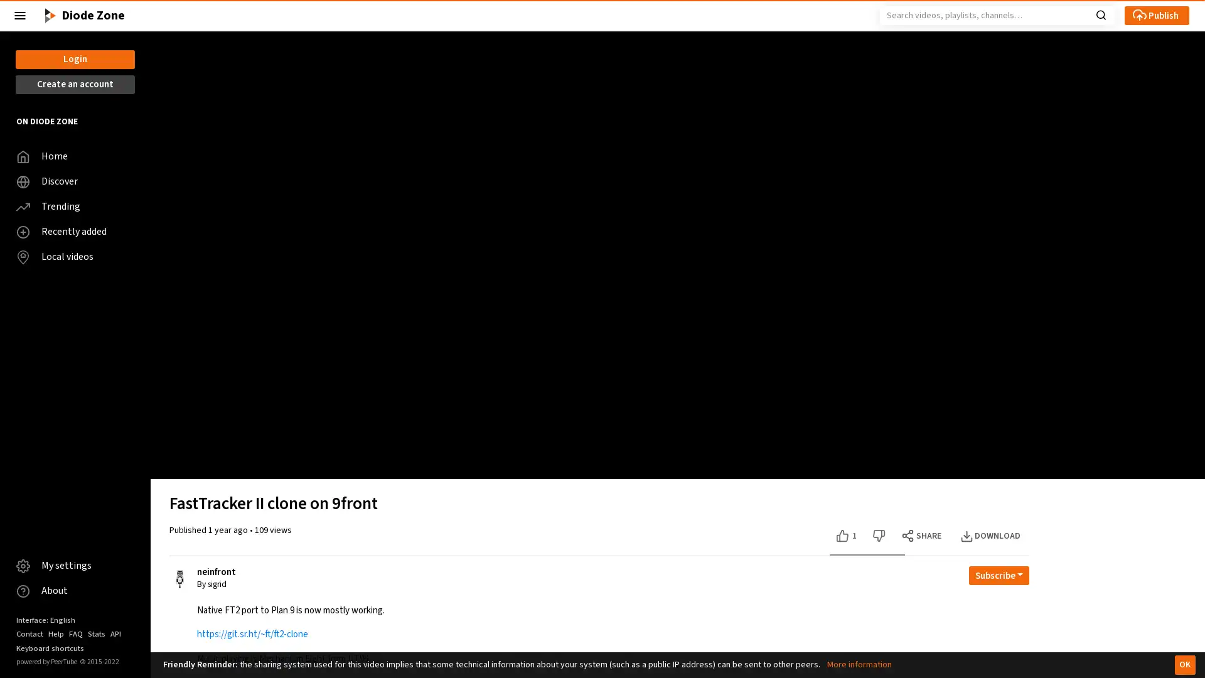 Image resolution: width=1205 pixels, height=678 pixels. Describe the element at coordinates (990, 535) in the screenshot. I see `DOWNLOAD` at that location.